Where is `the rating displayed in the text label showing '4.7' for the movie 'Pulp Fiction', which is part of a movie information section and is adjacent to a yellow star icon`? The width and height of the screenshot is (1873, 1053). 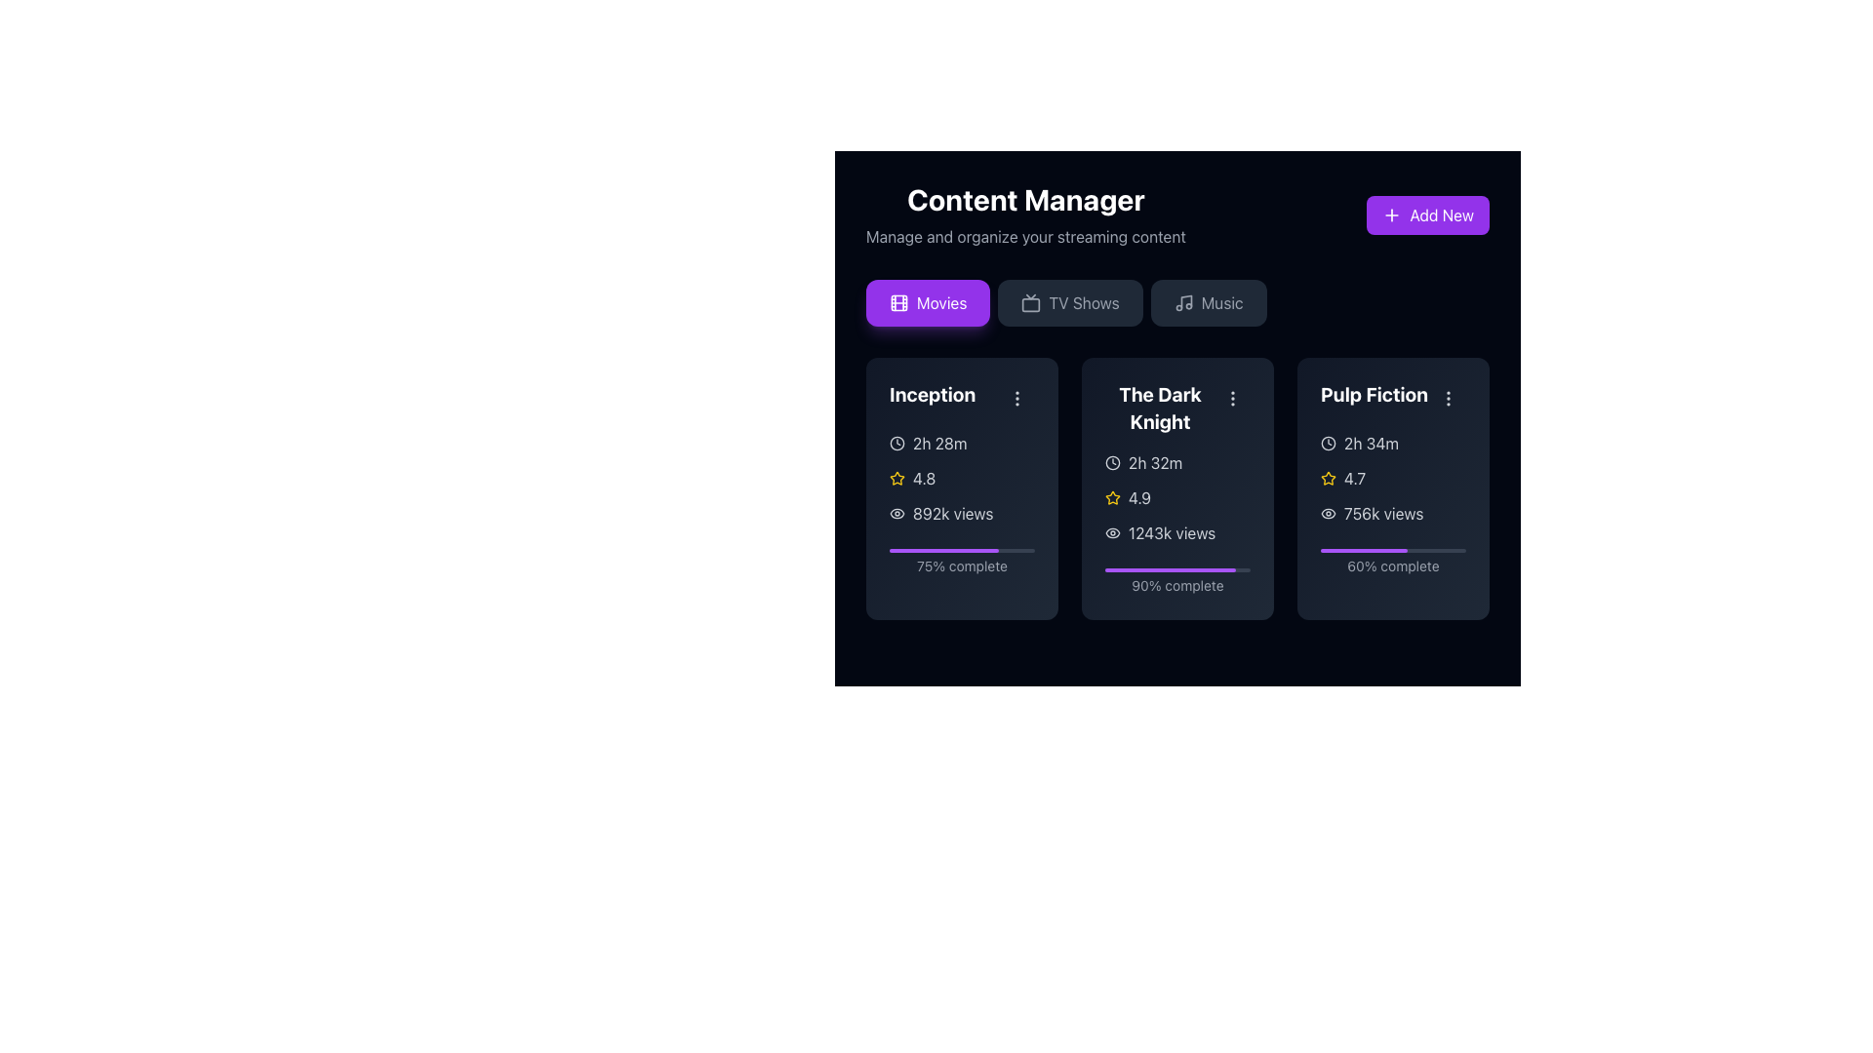
the rating displayed in the text label showing '4.7' for the movie 'Pulp Fiction', which is part of a movie information section and is adjacent to a yellow star icon is located at coordinates (1354, 478).